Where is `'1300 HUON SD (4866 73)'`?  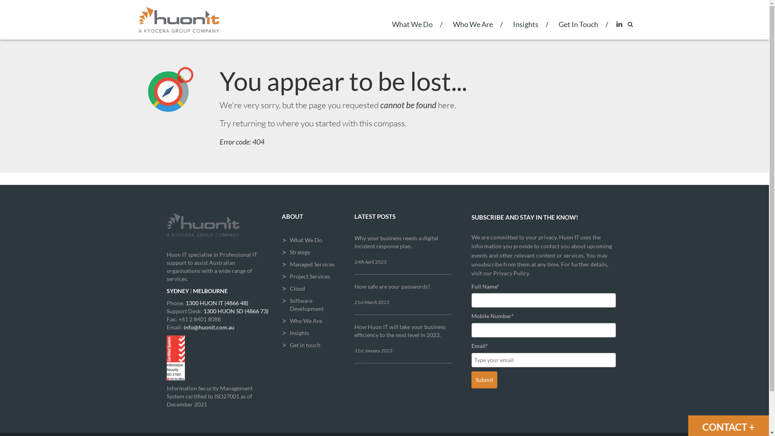
'1300 HUON SD (4866 73)' is located at coordinates (235, 310).